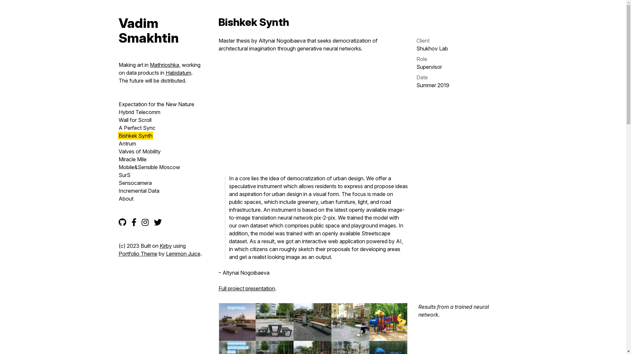 The width and height of the screenshot is (631, 354). What do you see at coordinates (118, 191) in the screenshot?
I see `'Incremental Data'` at bounding box center [118, 191].